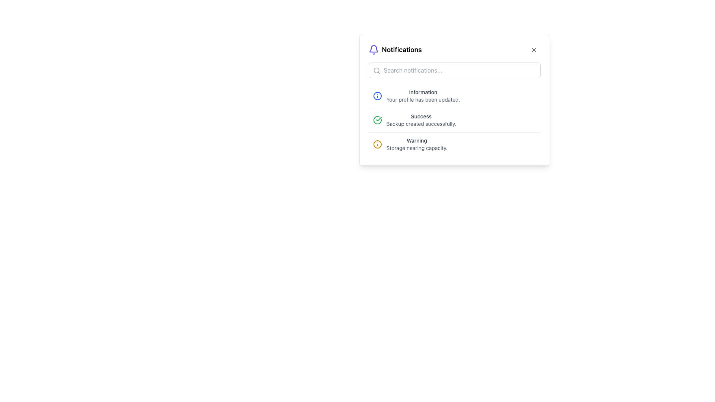  I want to click on the close button located at the top-right corner of the notifications panel, so click(533, 50).